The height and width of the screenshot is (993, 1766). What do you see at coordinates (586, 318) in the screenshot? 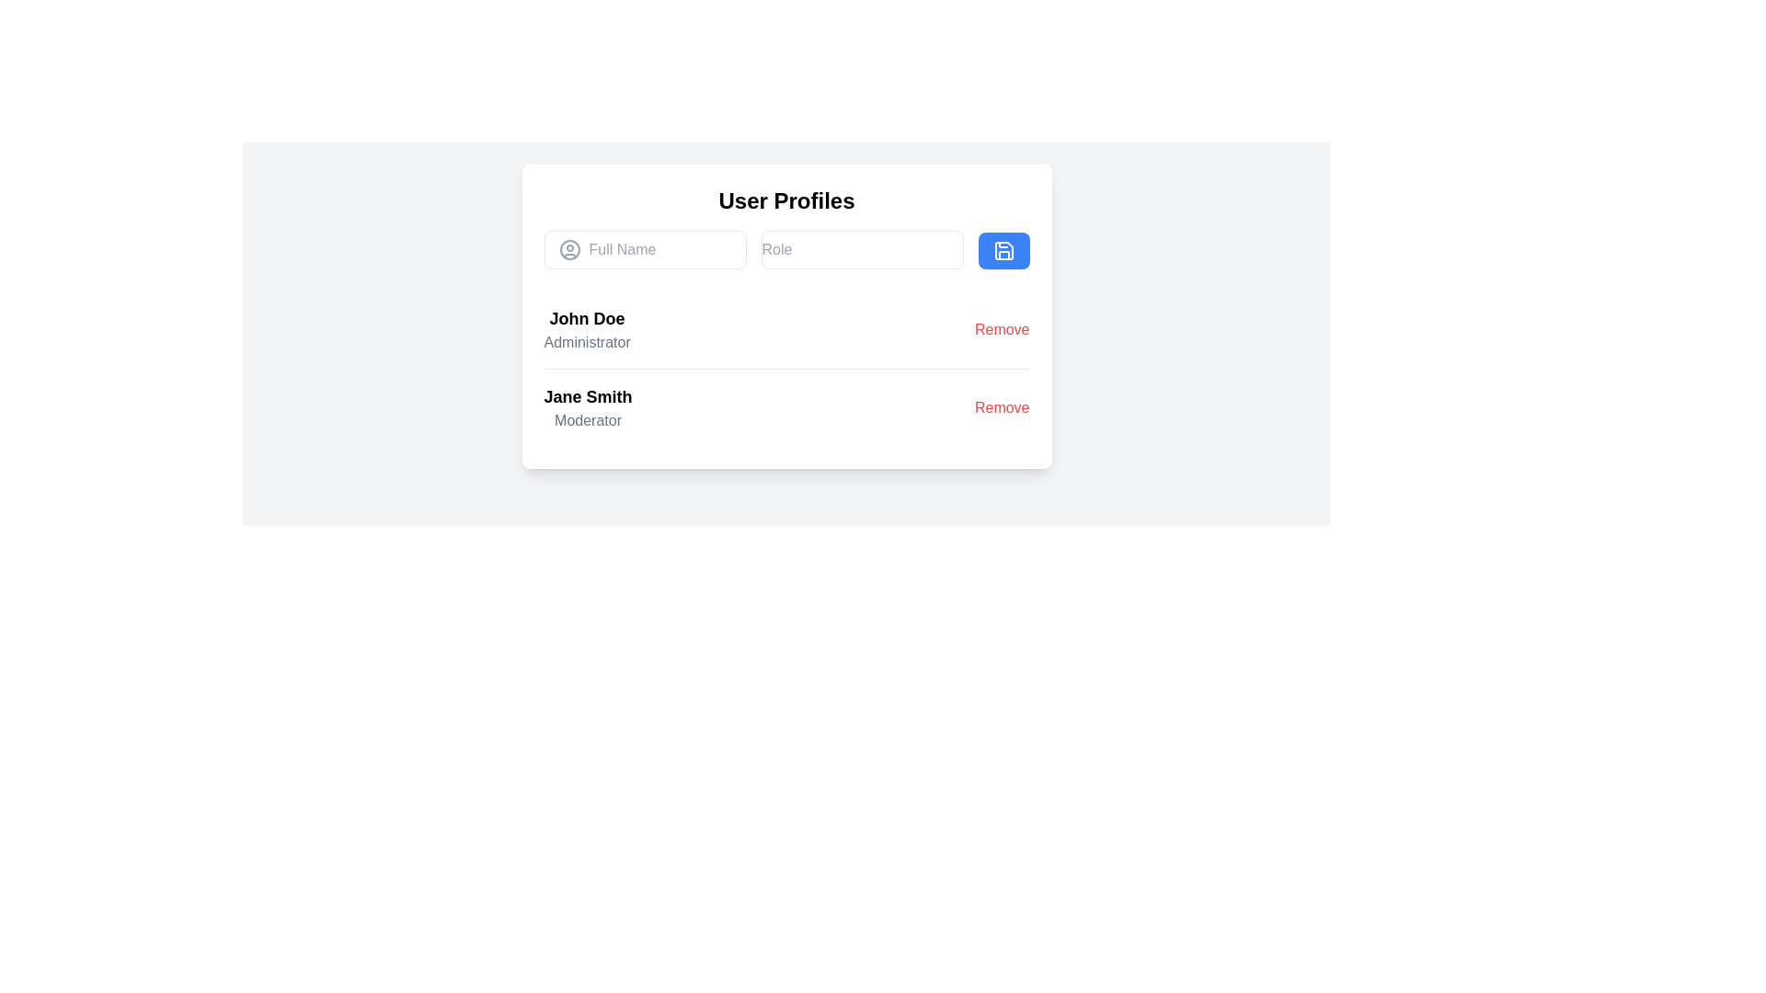
I see `the text display element that shows 'John Doe', which is styled in bold and larger size, located at the top of the user profile card above the role descriptor 'Administrator'` at bounding box center [586, 318].